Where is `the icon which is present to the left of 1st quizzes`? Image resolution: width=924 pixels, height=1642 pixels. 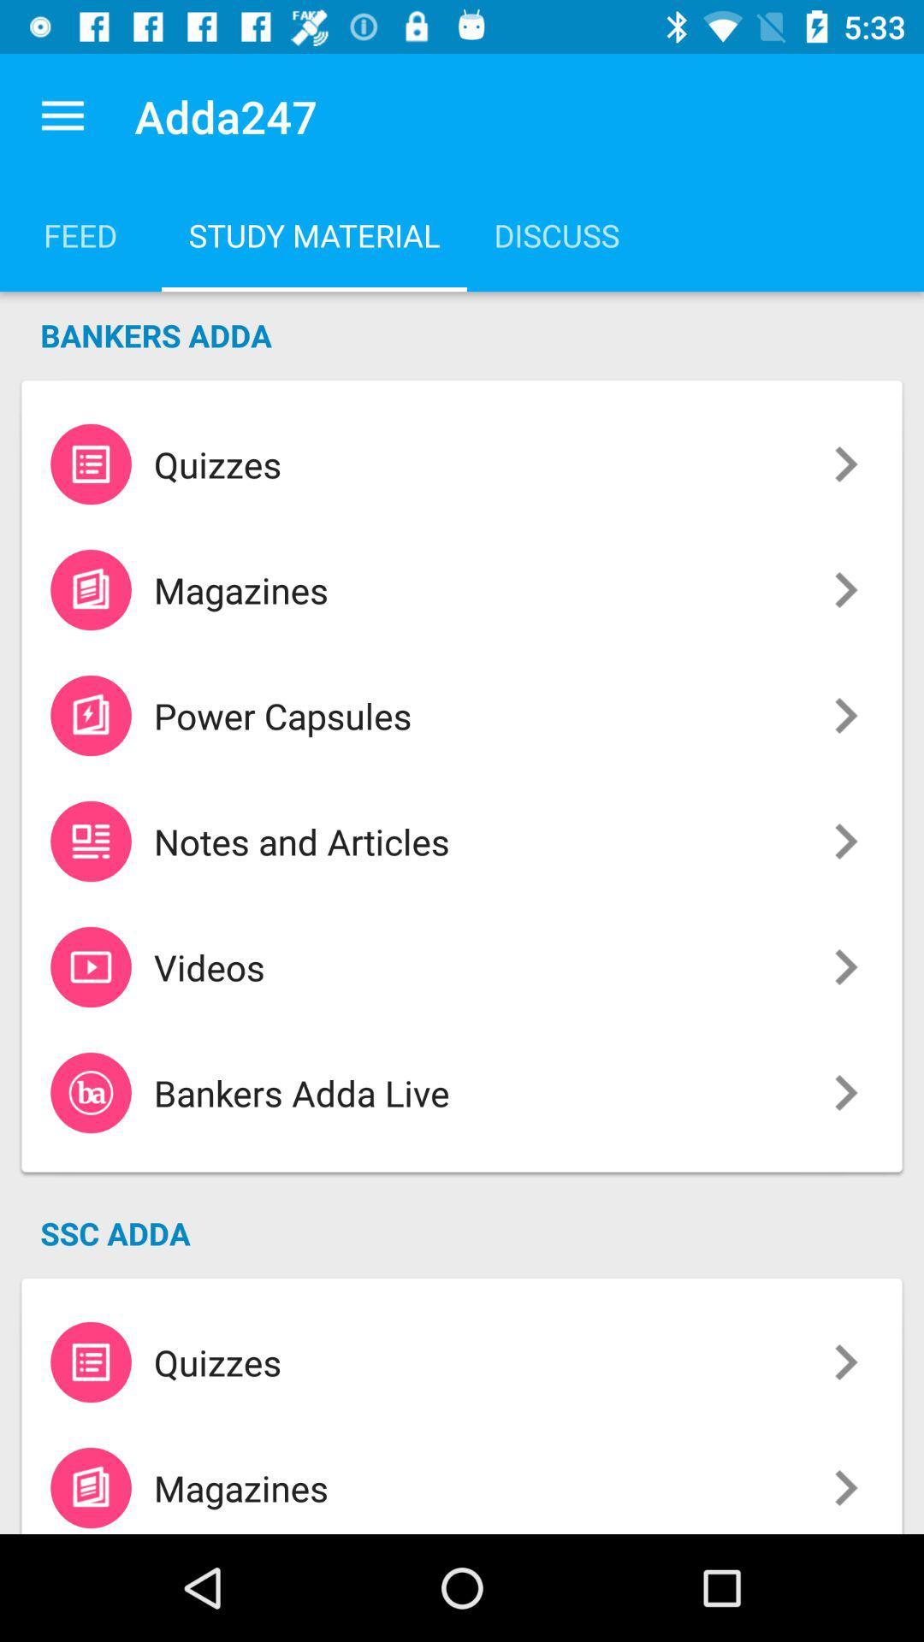 the icon which is present to the left of 1st quizzes is located at coordinates (91, 464).